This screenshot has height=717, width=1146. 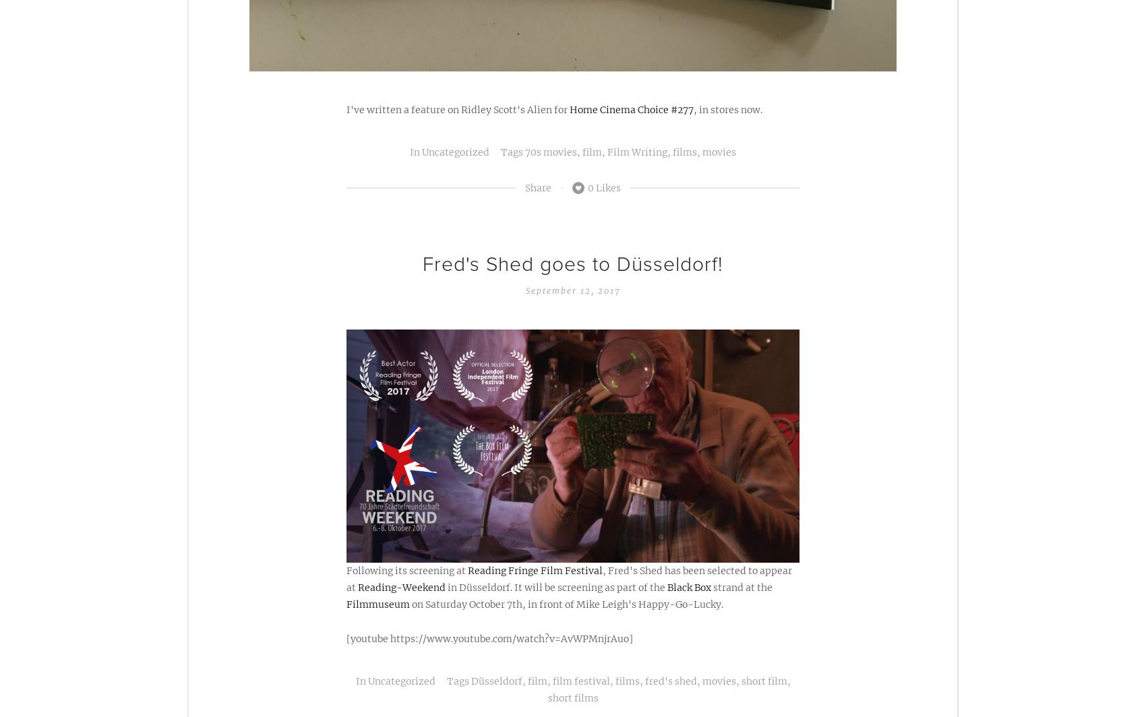 What do you see at coordinates (573, 263) in the screenshot?
I see `'Fred's Shed goes to Düsseldorf!'` at bounding box center [573, 263].